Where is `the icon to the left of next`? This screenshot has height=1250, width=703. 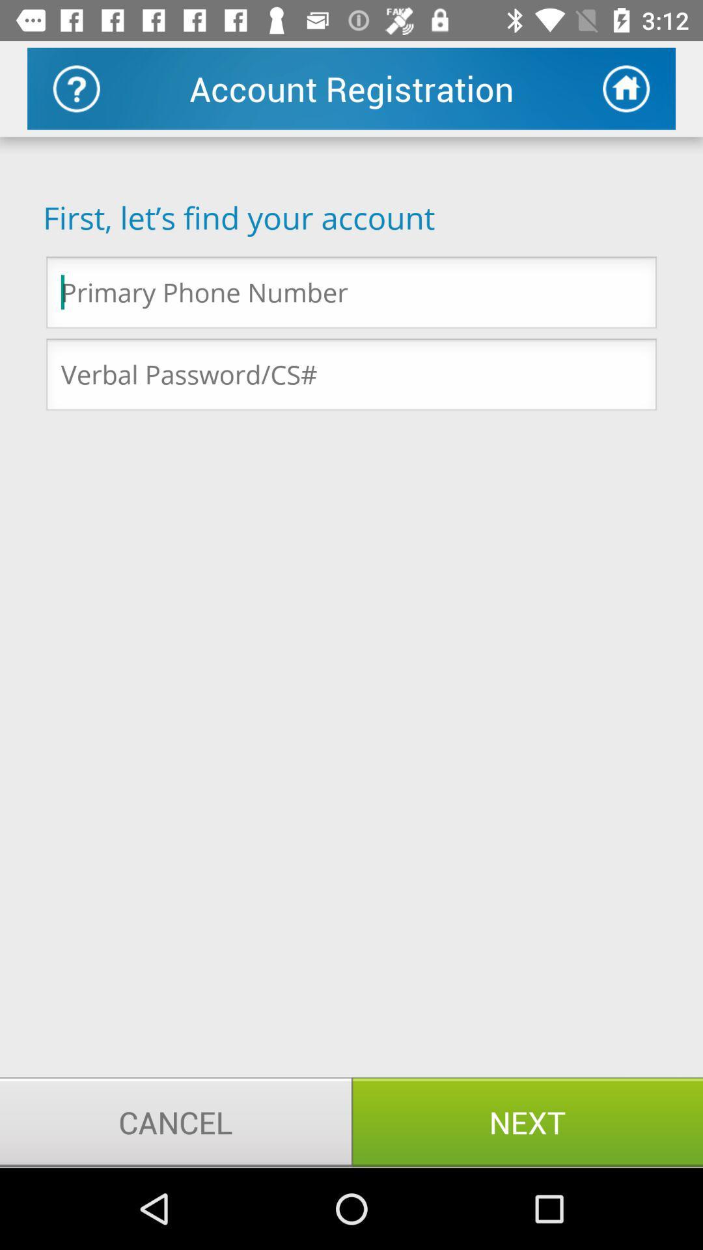
the icon to the left of next is located at coordinates (176, 1121).